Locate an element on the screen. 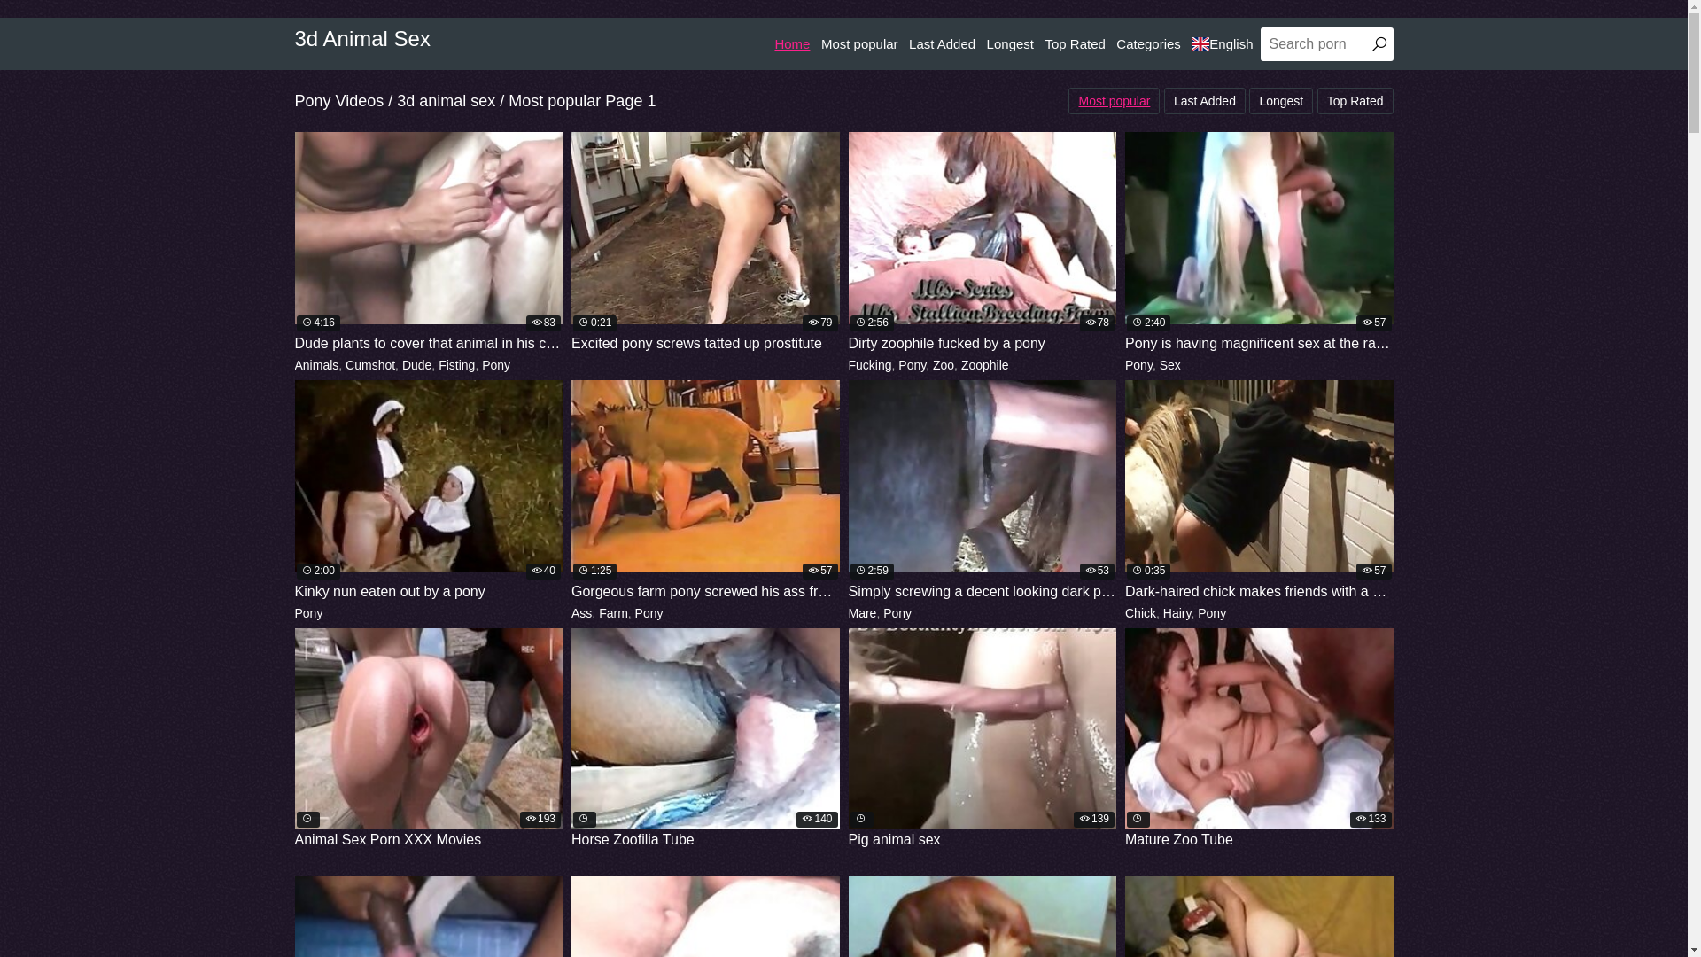  '2:59 is located at coordinates (982, 491).